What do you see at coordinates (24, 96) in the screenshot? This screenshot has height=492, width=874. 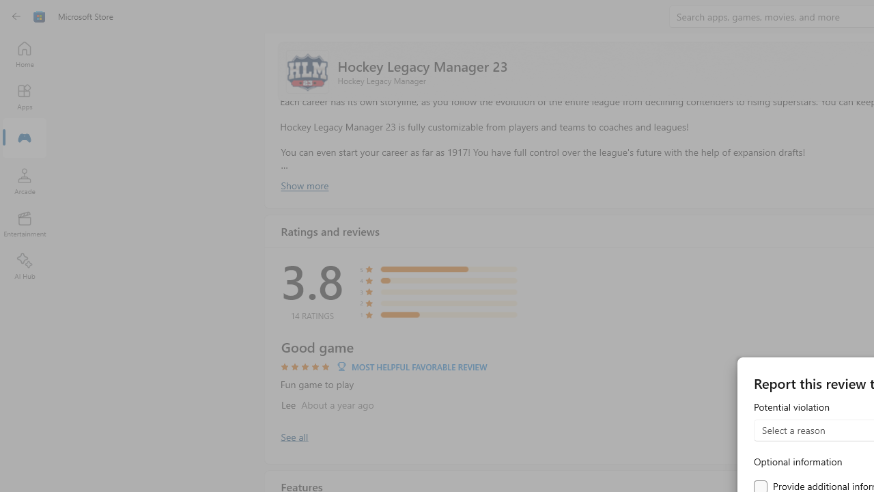 I see `'Apps'` at bounding box center [24, 96].